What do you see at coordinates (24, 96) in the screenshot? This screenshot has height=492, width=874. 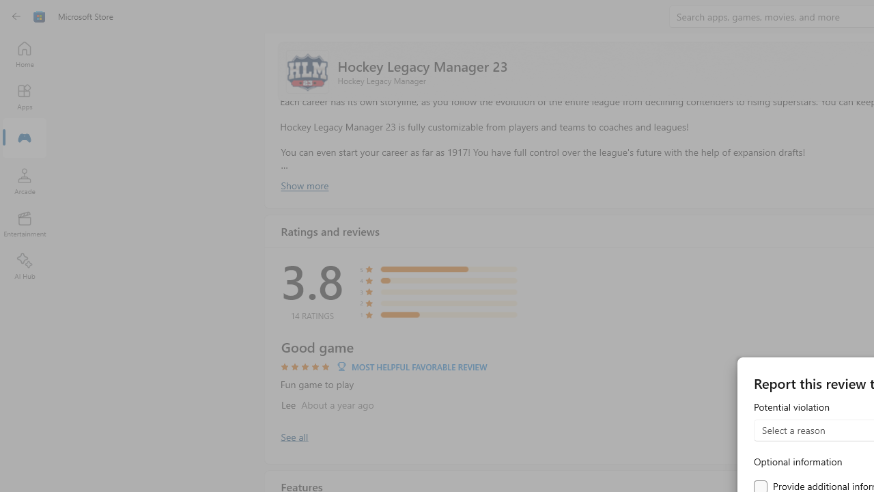 I see `'Apps'` at bounding box center [24, 96].